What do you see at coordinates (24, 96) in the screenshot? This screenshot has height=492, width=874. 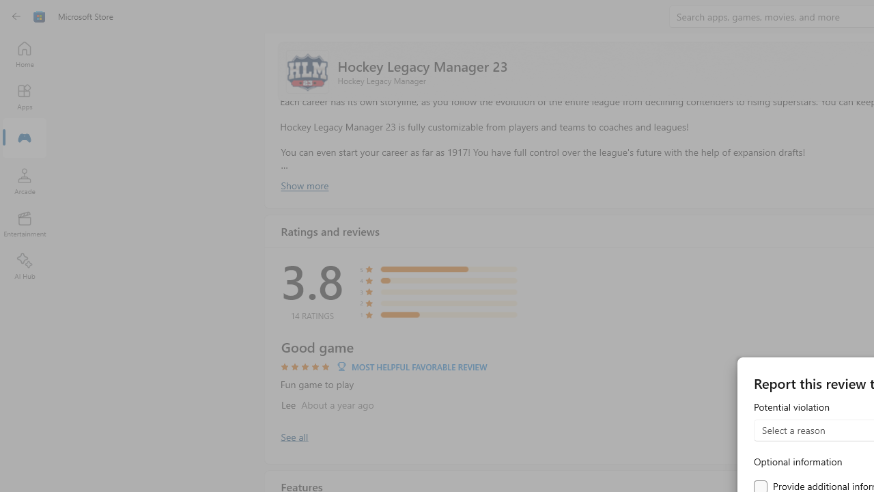 I see `'Apps'` at bounding box center [24, 96].